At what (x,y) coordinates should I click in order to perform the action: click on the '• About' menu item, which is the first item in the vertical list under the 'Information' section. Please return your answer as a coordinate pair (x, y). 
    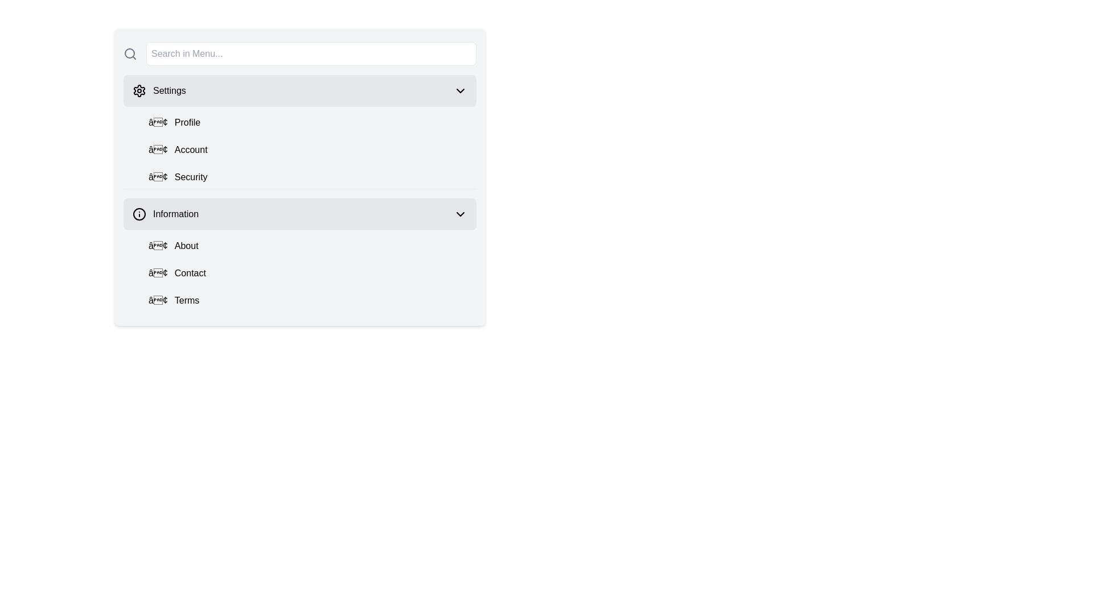
    Looking at the image, I should click on (300, 245).